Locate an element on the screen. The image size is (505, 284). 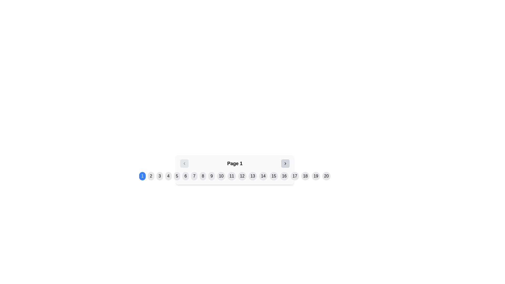
the 7th pagination button that allows users to select the 7th page in a pagination sequence, positioned between buttons labeled '6' and '8' is located at coordinates (194, 176).